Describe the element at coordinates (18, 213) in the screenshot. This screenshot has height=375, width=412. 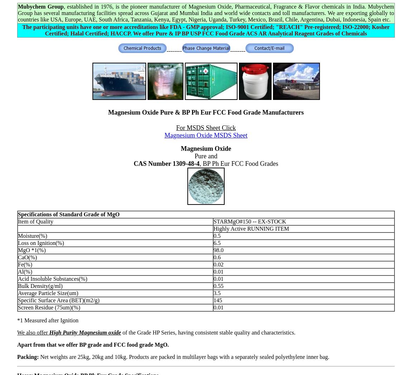
I see `'Specifications    of Standard Grade of MgO'` at that location.